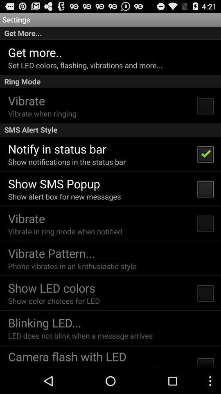 This screenshot has height=394, width=221. I want to click on item below the vibrate in ring icon, so click(51, 252).